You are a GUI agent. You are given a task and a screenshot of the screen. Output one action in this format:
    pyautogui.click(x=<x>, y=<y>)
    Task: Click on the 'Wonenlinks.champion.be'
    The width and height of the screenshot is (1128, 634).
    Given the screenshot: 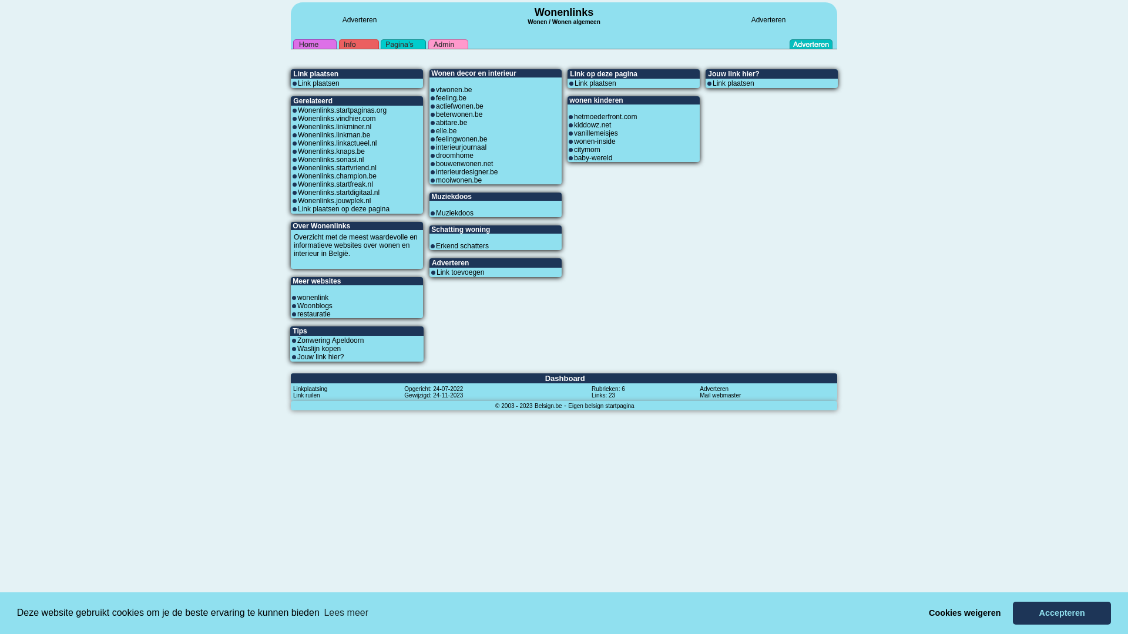 What is the action you would take?
    pyautogui.click(x=298, y=176)
    